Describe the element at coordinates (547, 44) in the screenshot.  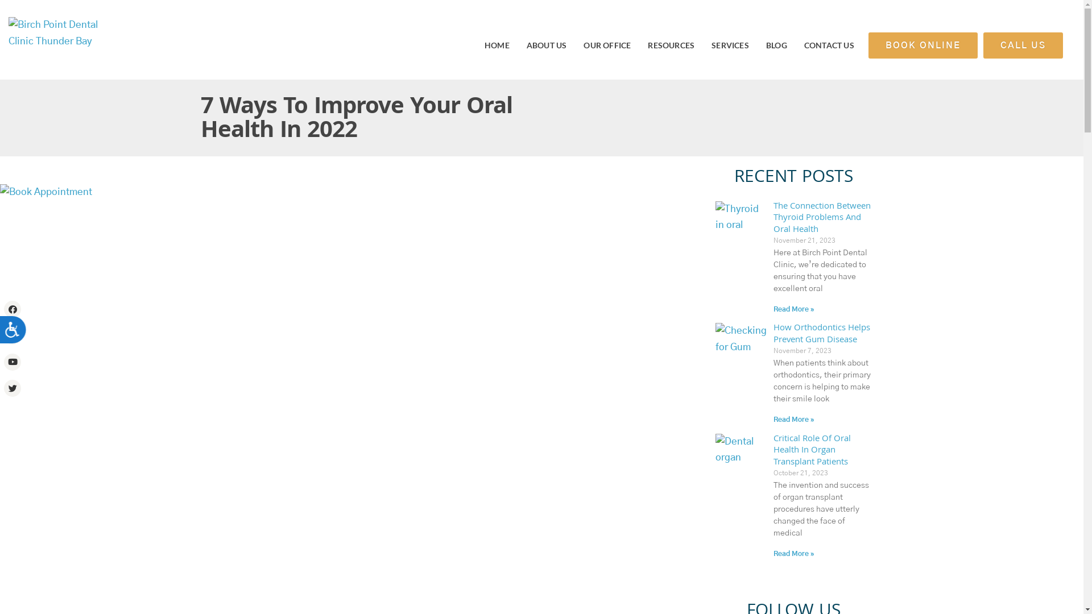
I see `'ABOUT US'` at that location.